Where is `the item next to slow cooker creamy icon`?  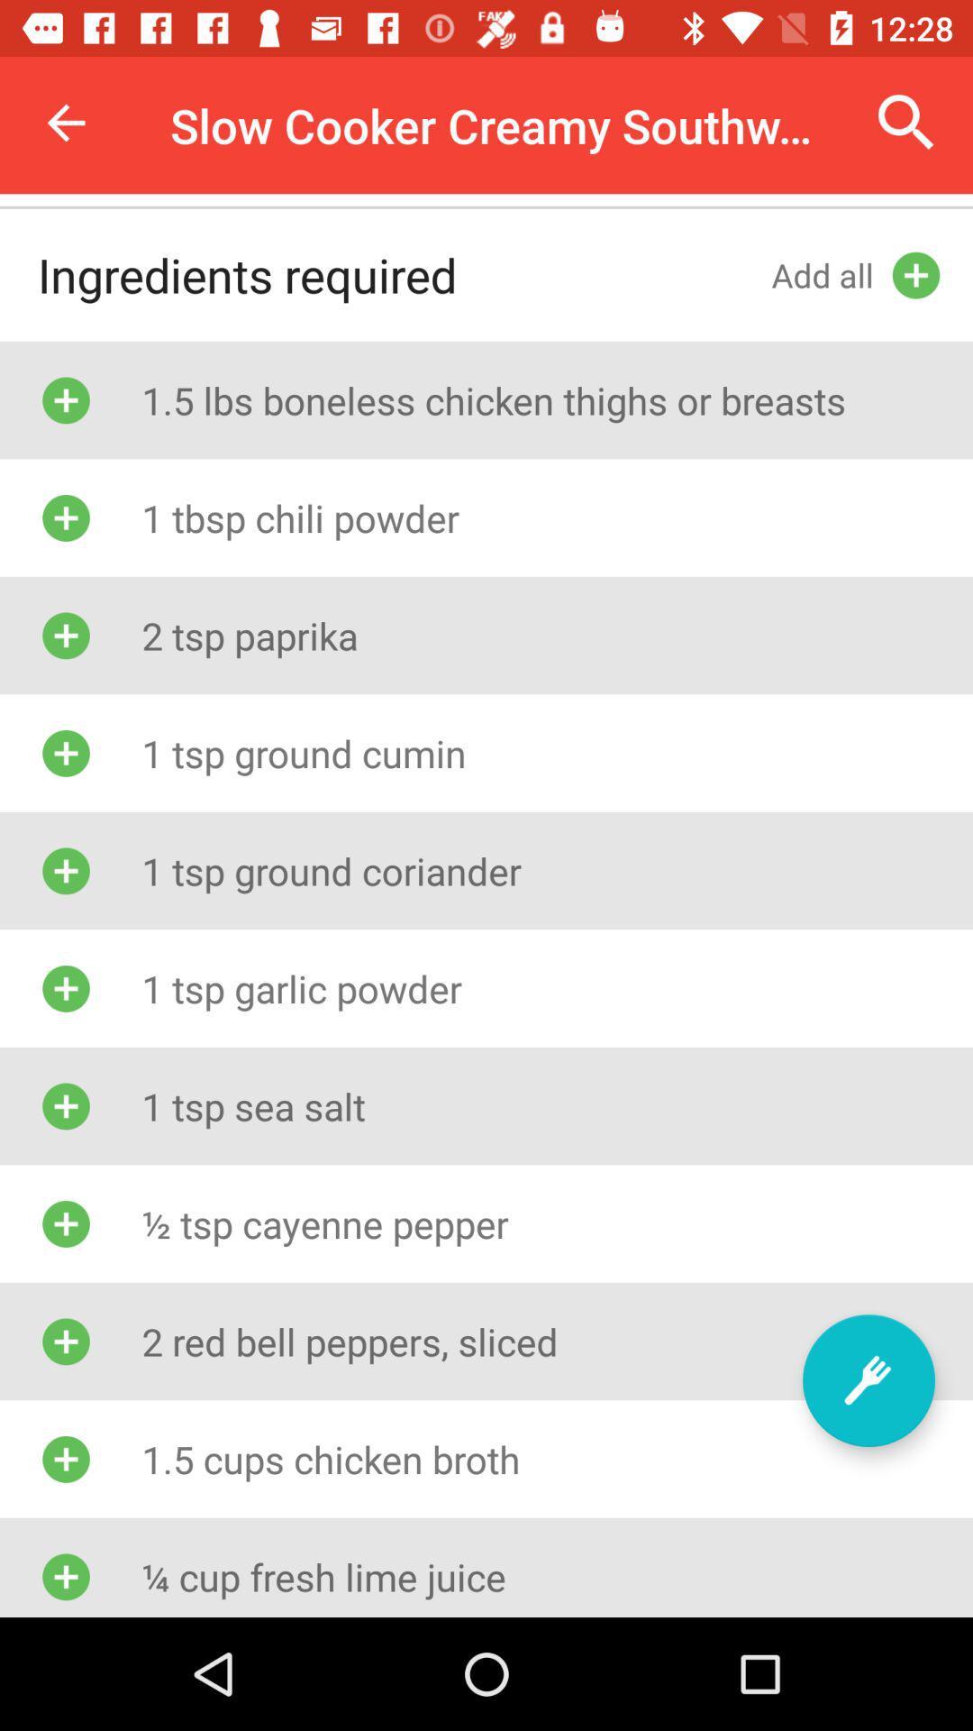
the item next to slow cooker creamy icon is located at coordinates (906, 122).